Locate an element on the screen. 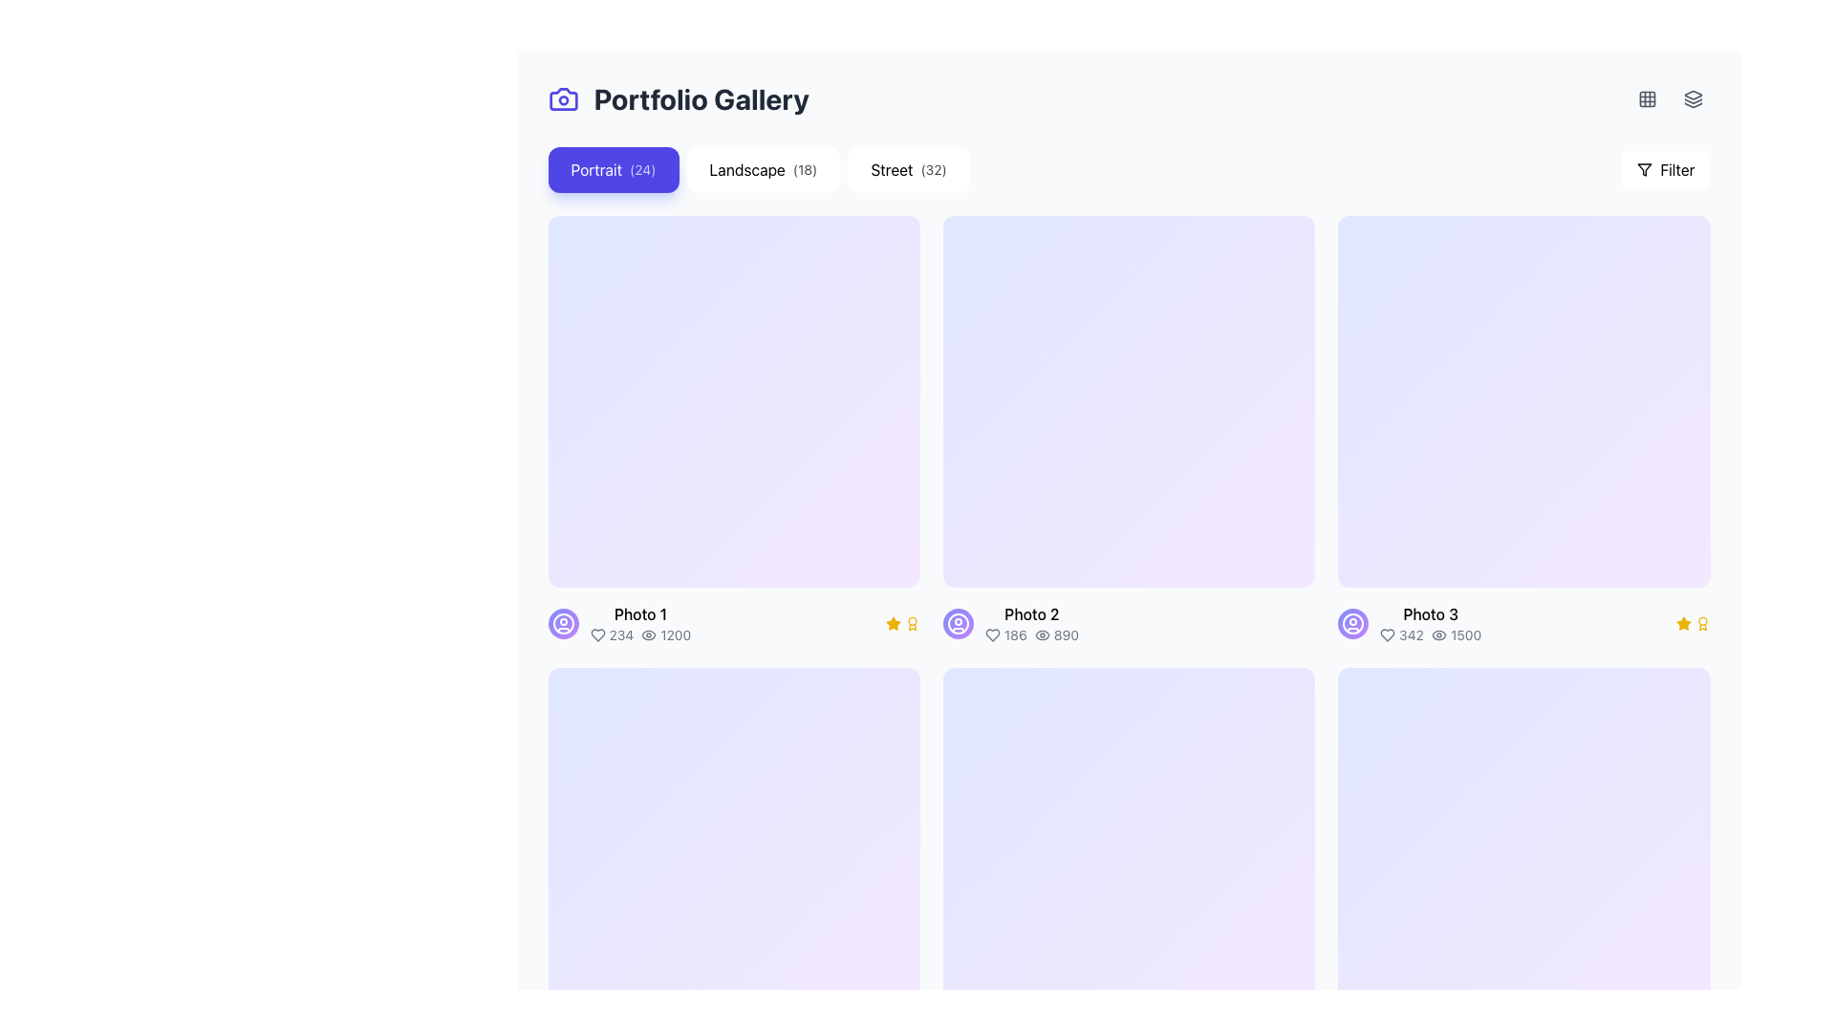 Image resolution: width=1835 pixels, height=1032 pixels. the first portfolio item in the grid layout under the 'Portrait' tab is located at coordinates (733, 430).